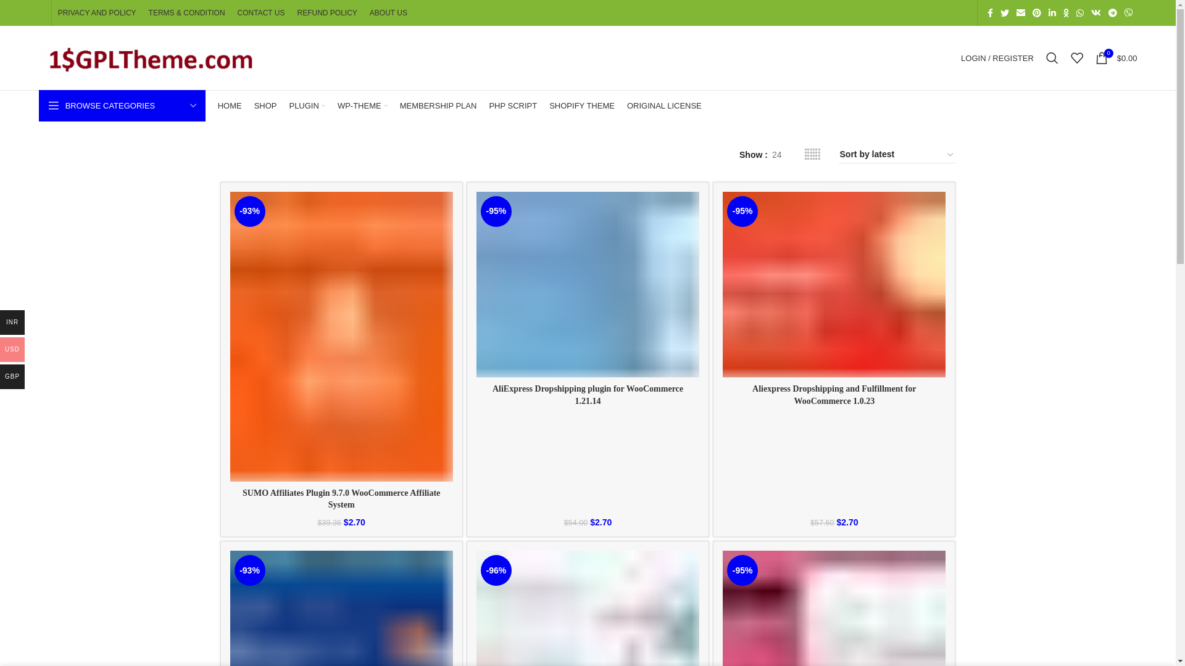  I want to click on 'SHOP', so click(265, 105).